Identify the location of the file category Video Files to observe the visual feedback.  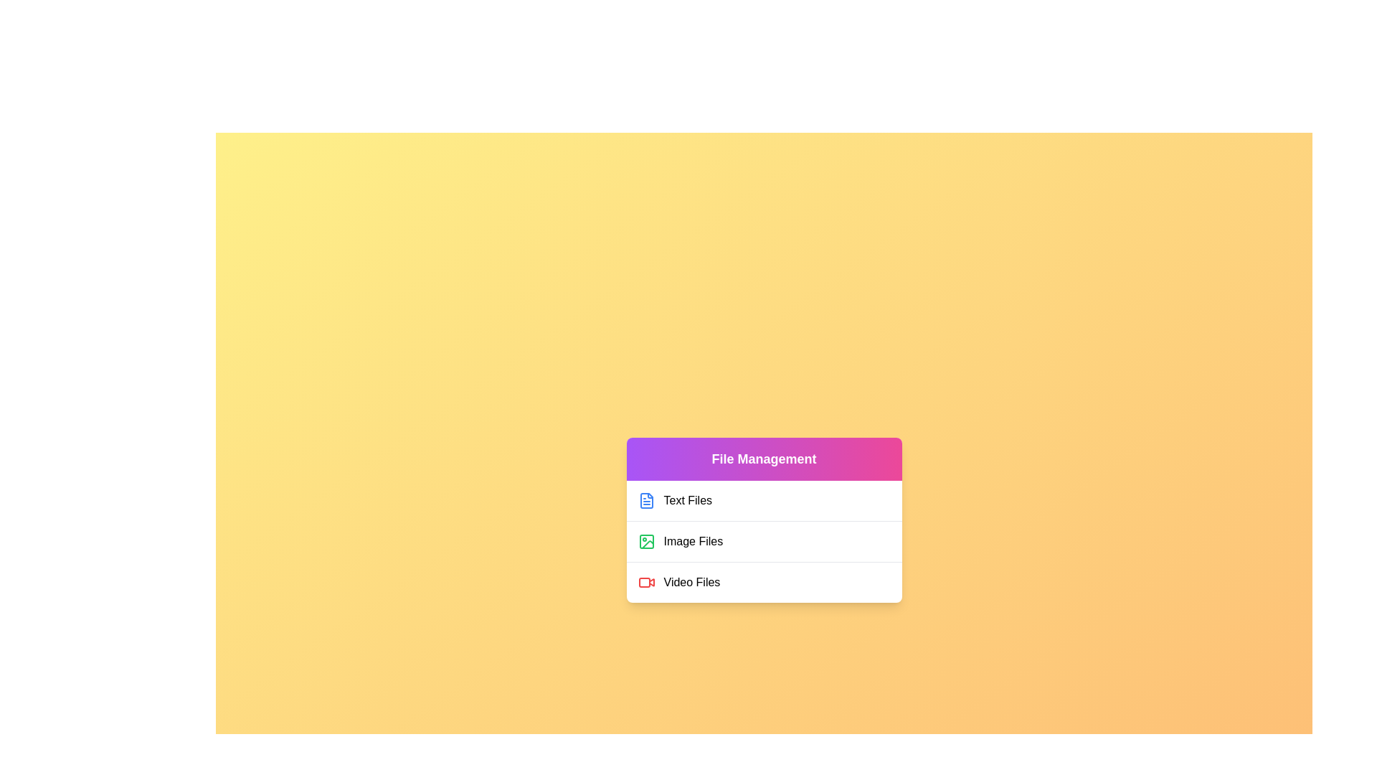
(763, 582).